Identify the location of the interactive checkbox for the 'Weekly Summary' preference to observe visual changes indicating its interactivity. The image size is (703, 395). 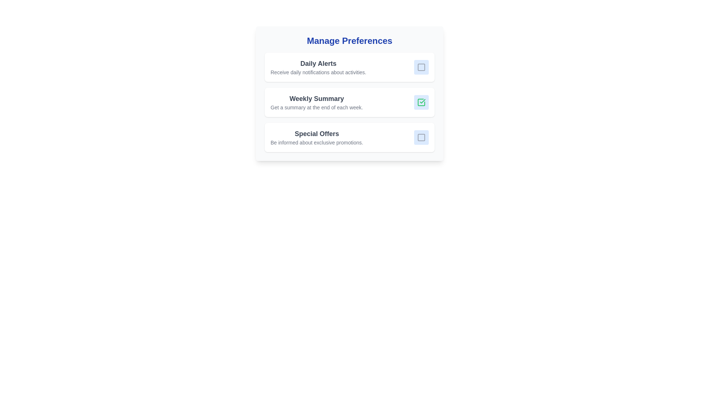
(421, 102).